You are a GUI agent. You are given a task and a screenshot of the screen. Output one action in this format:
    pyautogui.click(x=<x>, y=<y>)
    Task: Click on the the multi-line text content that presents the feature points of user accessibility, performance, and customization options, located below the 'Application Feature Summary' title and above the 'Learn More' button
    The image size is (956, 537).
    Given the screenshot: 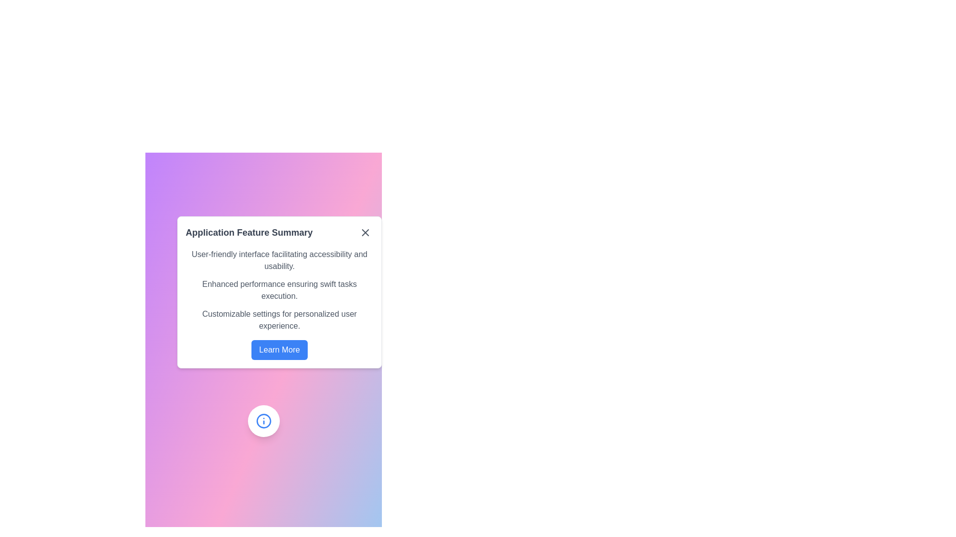 What is the action you would take?
    pyautogui.click(x=279, y=290)
    